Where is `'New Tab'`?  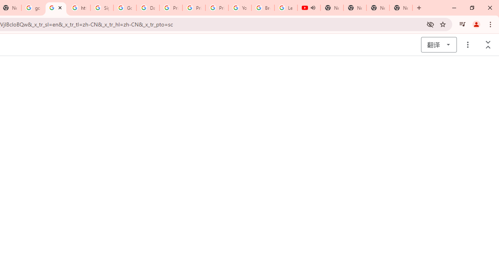 'New Tab' is located at coordinates (401, 8).